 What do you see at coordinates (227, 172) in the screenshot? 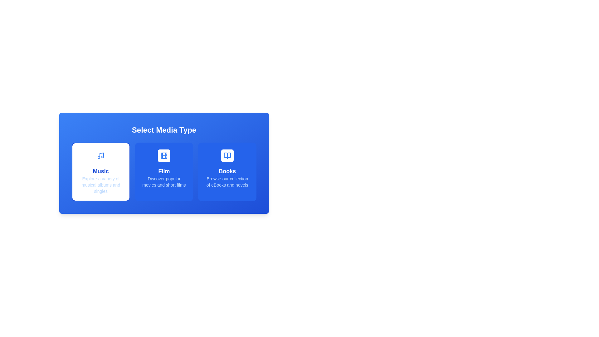
I see `the Card Component that serves as a navigation item for exploring eBooks and novels, positioned as the third card in a row of three cards, located on the far right after 'Music' and 'Film'` at bounding box center [227, 172].